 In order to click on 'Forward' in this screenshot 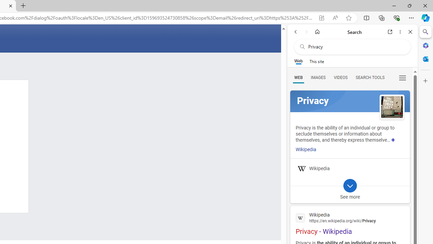, I will do `click(306, 32)`.